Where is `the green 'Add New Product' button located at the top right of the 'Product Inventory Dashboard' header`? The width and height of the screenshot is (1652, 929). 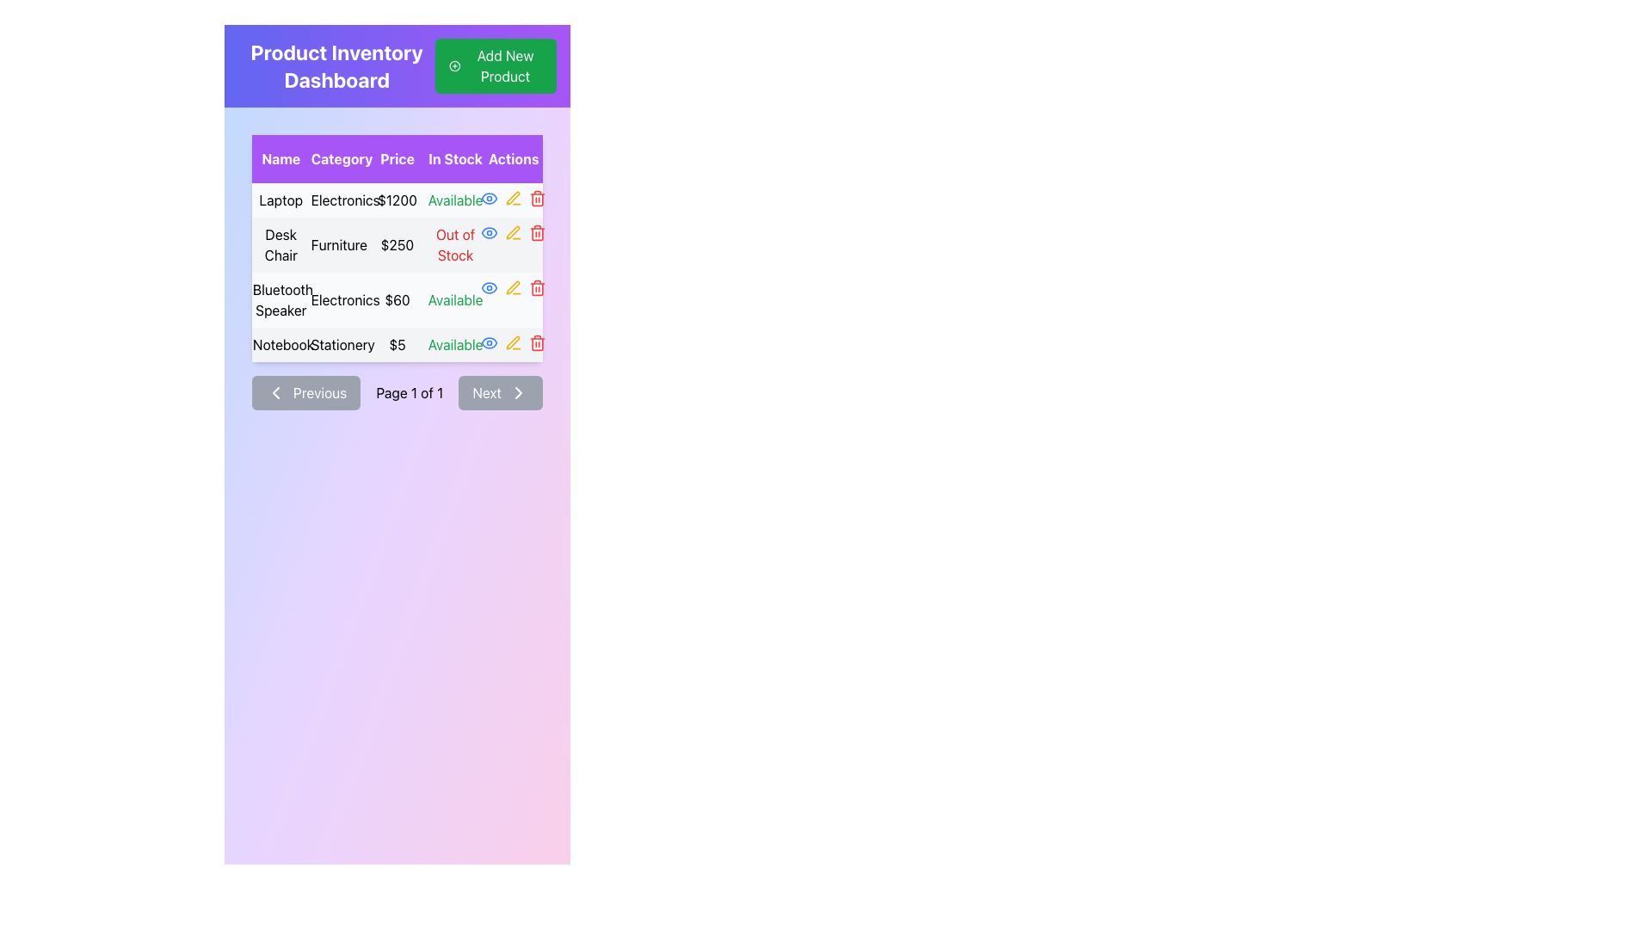 the green 'Add New Product' button located at the top right of the 'Product Inventory Dashboard' header is located at coordinates (495, 65).